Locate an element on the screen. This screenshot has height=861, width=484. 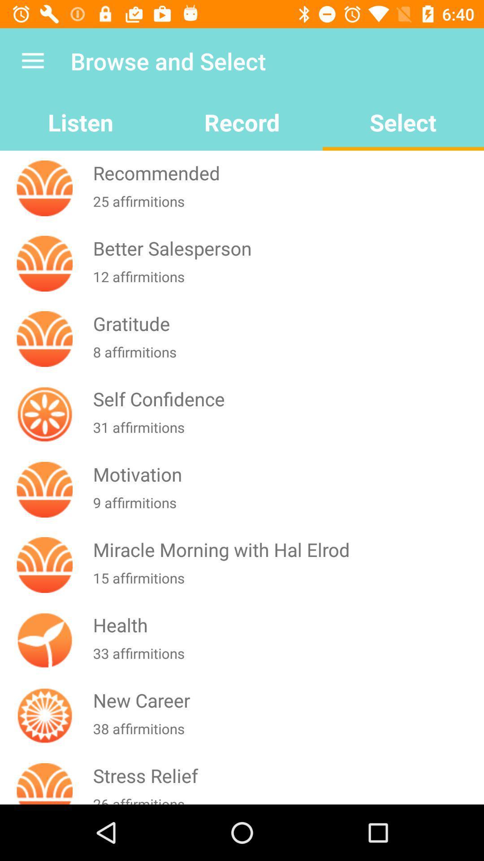
icon below 25 affirmitions item is located at coordinates (286, 248).